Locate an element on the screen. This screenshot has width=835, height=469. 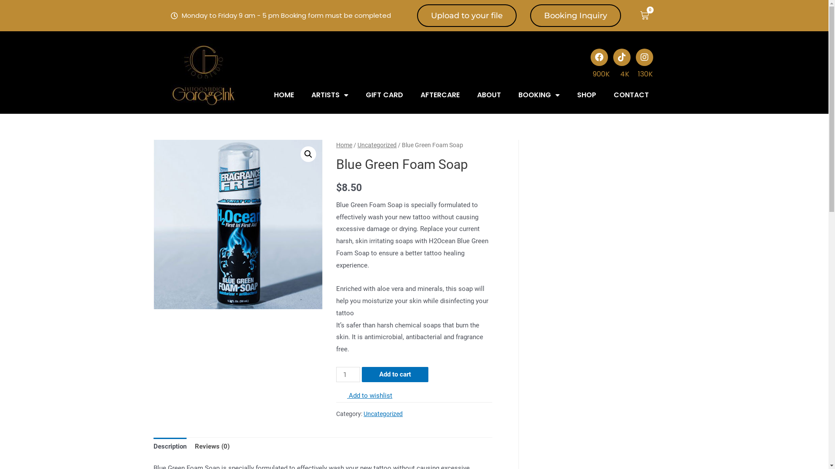
'Add to wishlist' is located at coordinates (364, 395).